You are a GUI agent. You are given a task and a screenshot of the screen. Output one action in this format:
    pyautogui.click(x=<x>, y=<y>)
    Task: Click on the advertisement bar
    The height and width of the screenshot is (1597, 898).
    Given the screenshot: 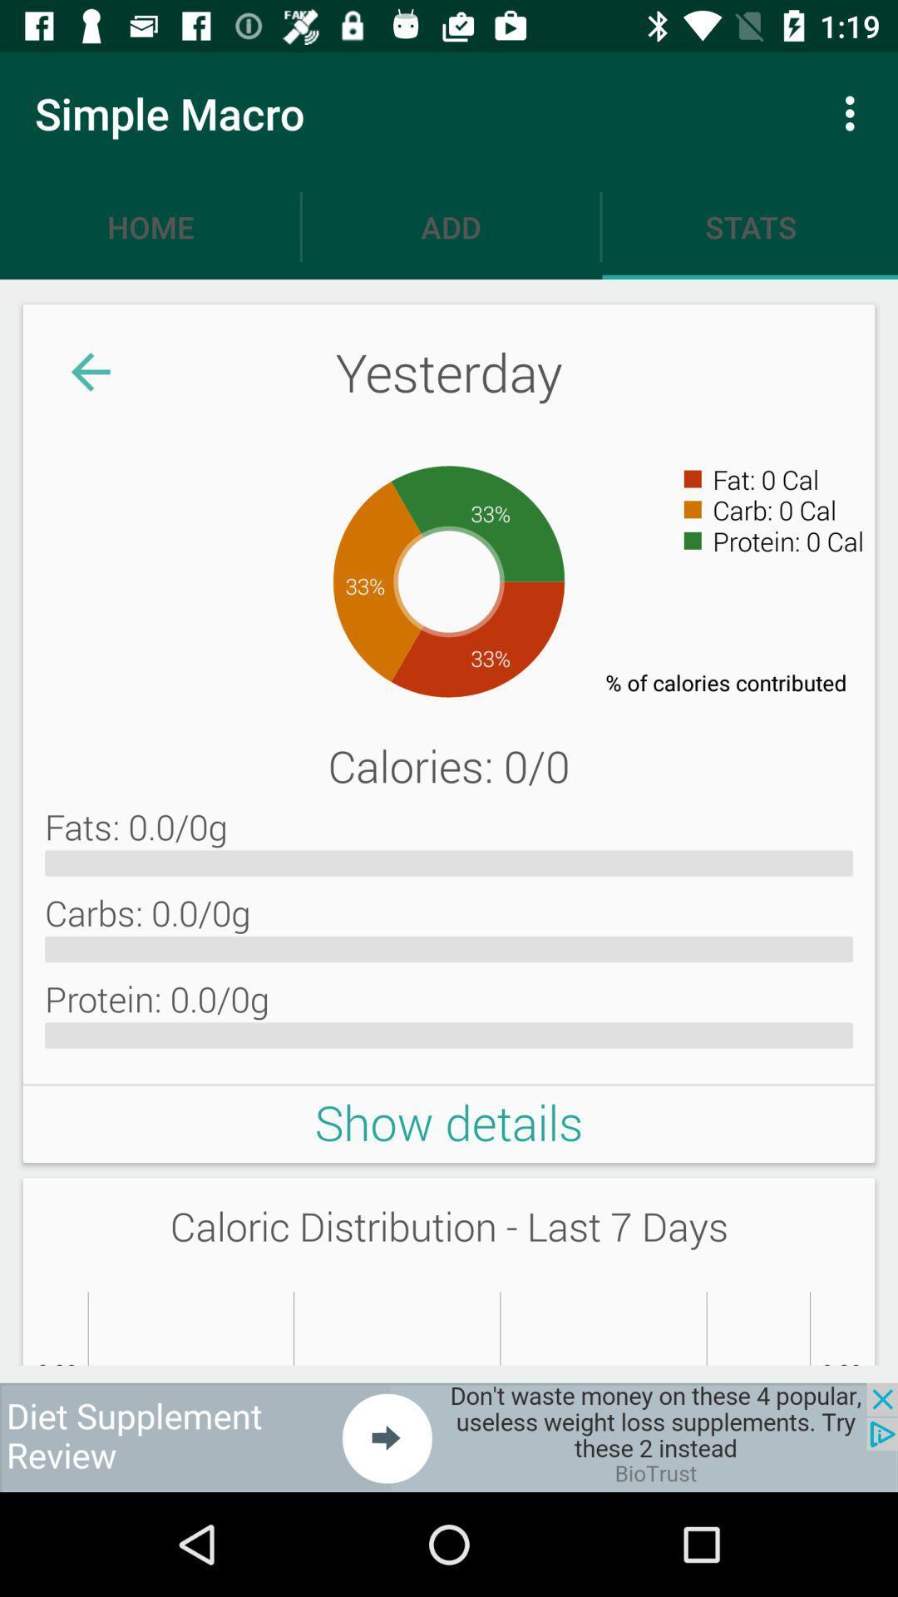 What is the action you would take?
    pyautogui.click(x=449, y=1436)
    